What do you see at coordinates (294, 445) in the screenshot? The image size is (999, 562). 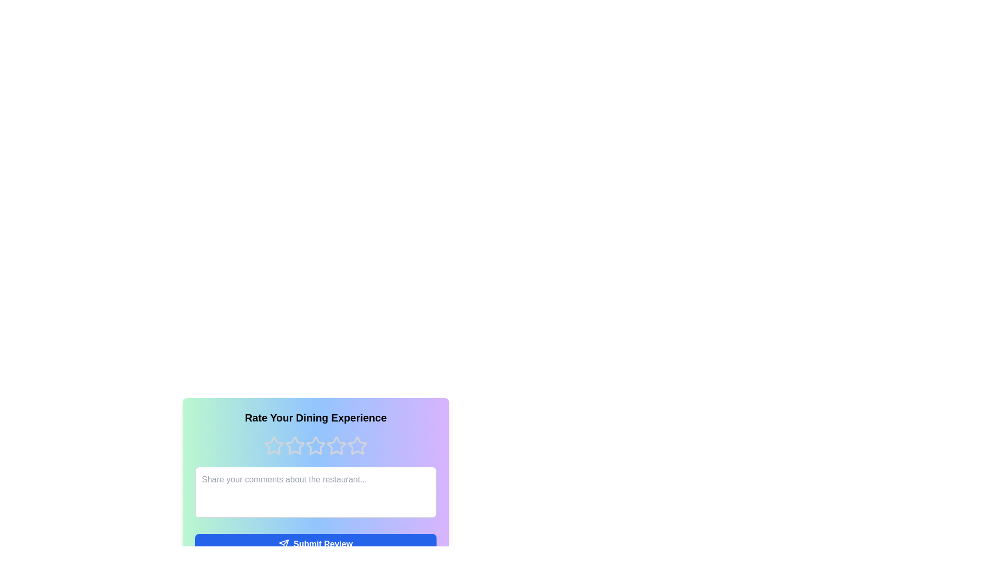 I see `the second star icon in the star-based rating system located beneath 'Rate Your Dining Experience'` at bounding box center [294, 445].